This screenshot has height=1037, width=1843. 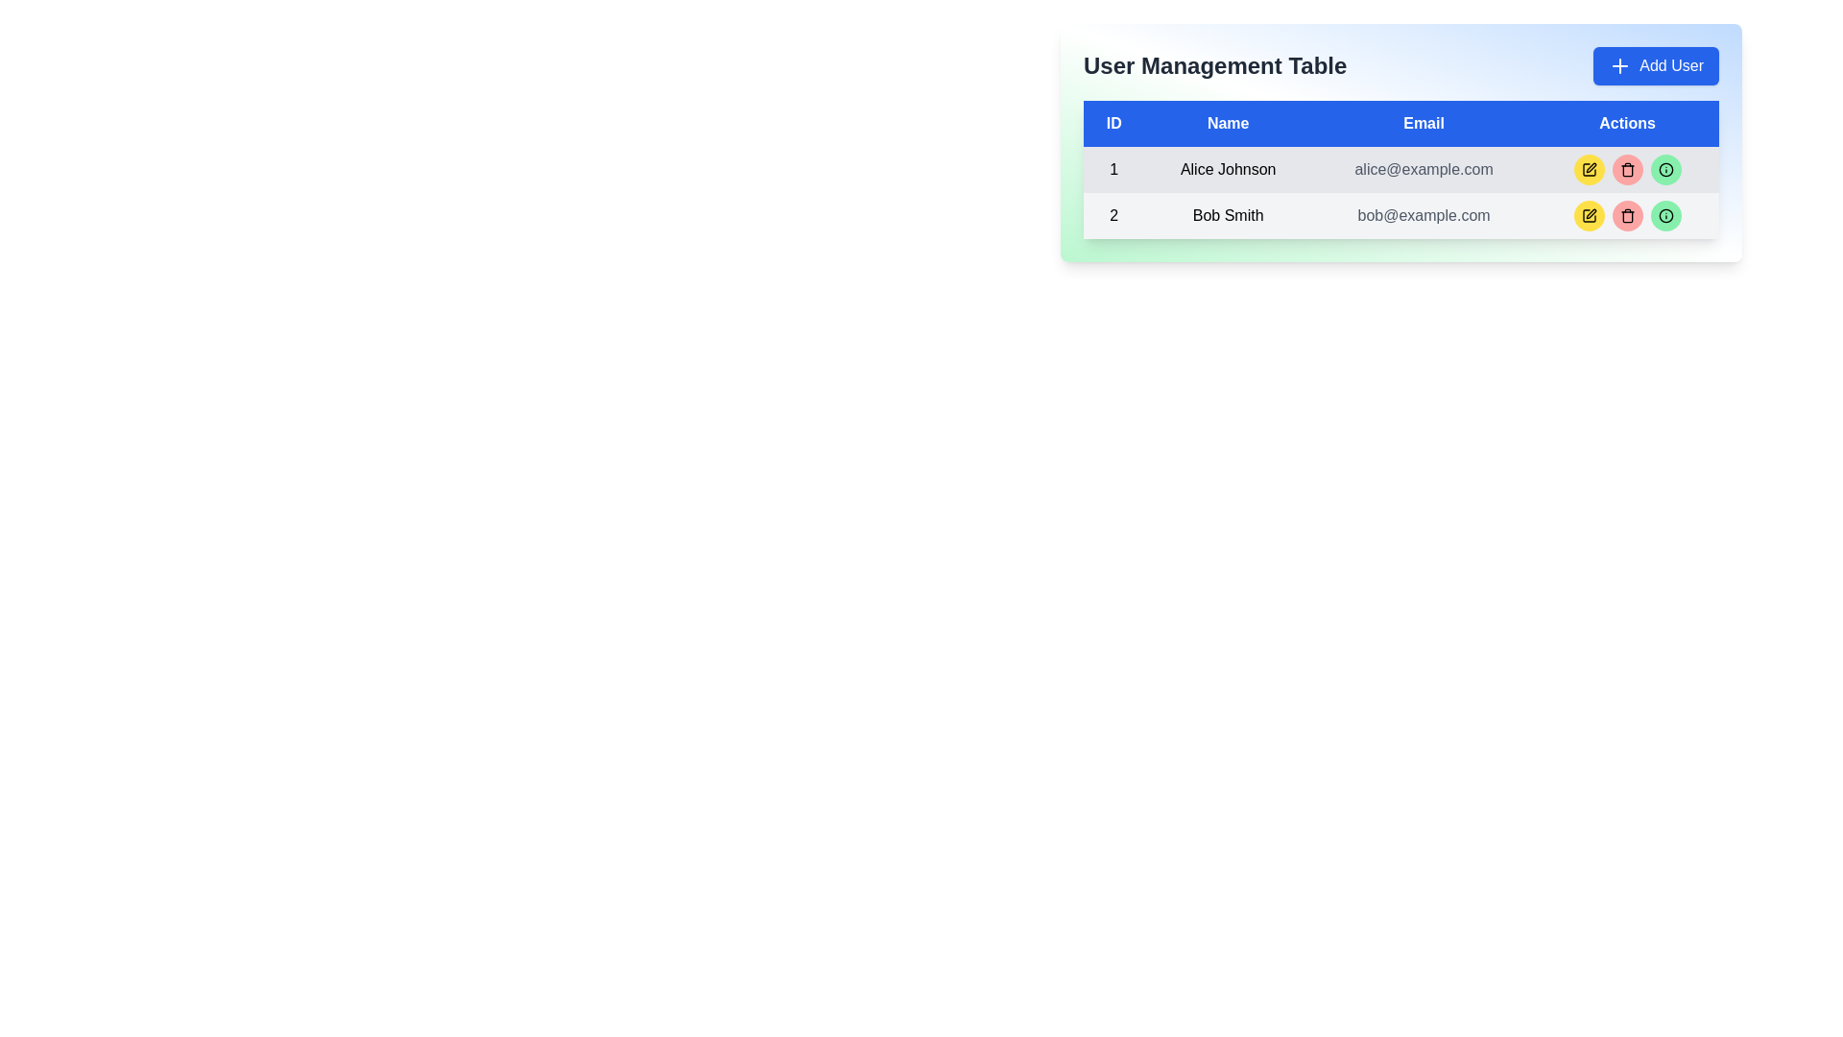 What do you see at coordinates (1424, 169) in the screenshot?
I see `the email address text label located in the third column of the first row of the user management table, under the 'Email' header` at bounding box center [1424, 169].